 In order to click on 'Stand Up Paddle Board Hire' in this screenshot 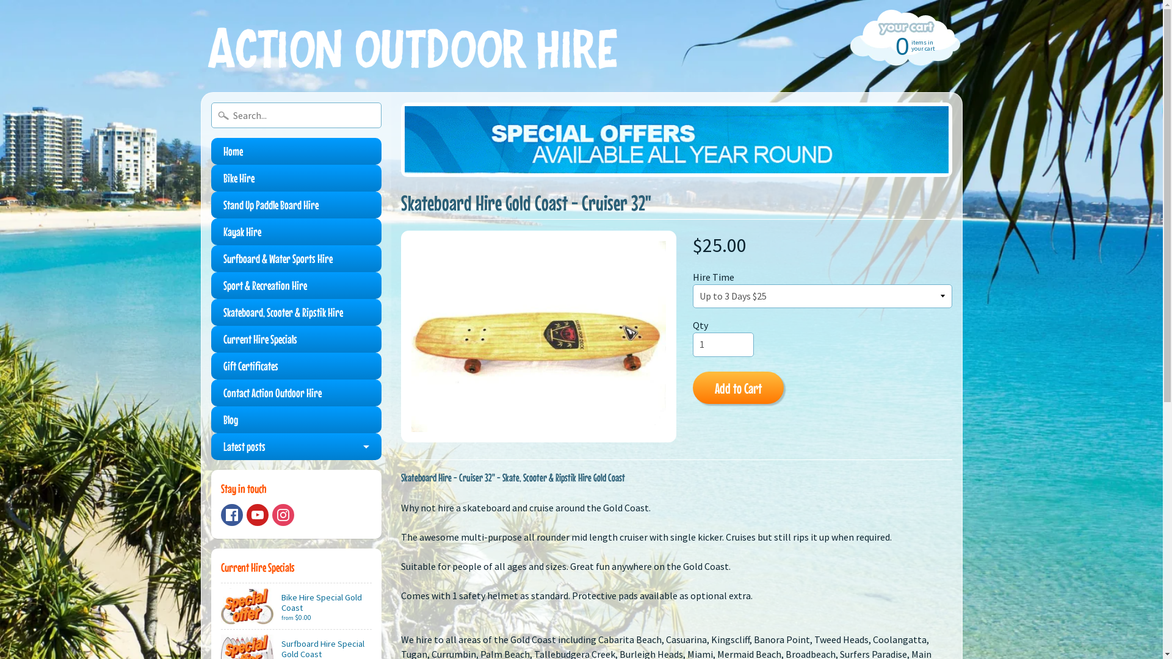, I will do `click(296, 204)`.